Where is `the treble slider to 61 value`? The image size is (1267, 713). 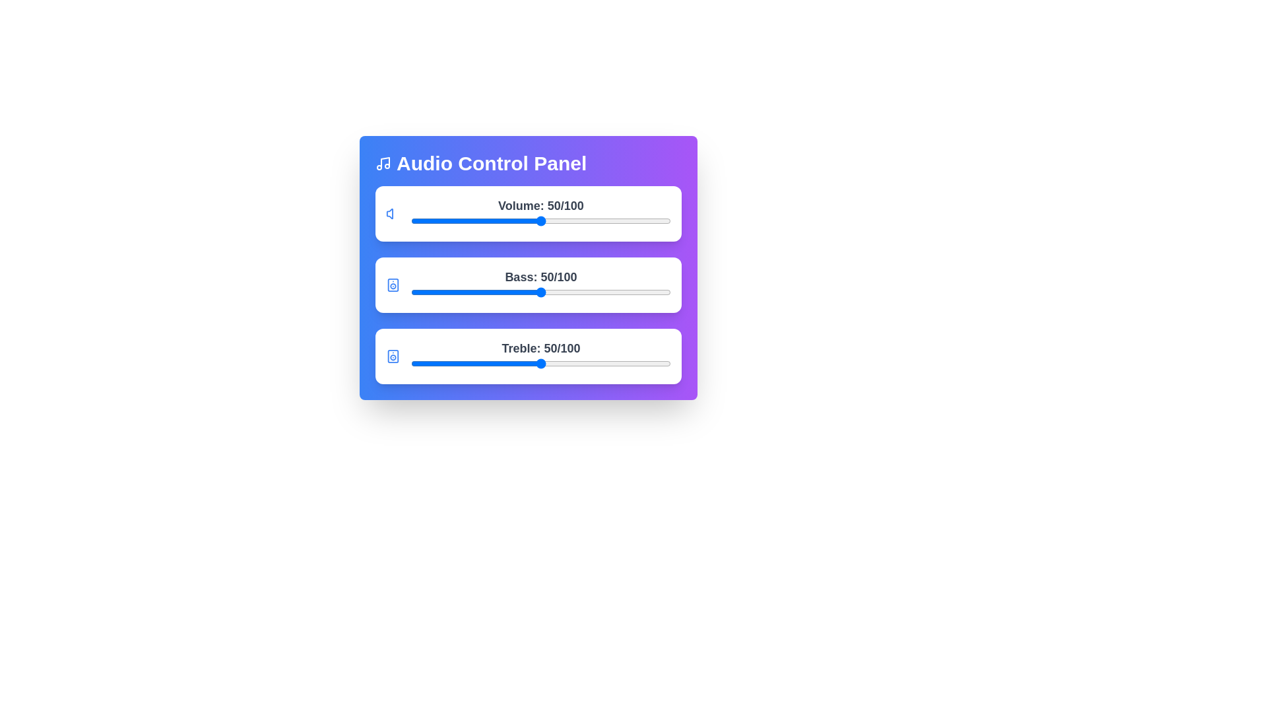 the treble slider to 61 value is located at coordinates (569, 364).